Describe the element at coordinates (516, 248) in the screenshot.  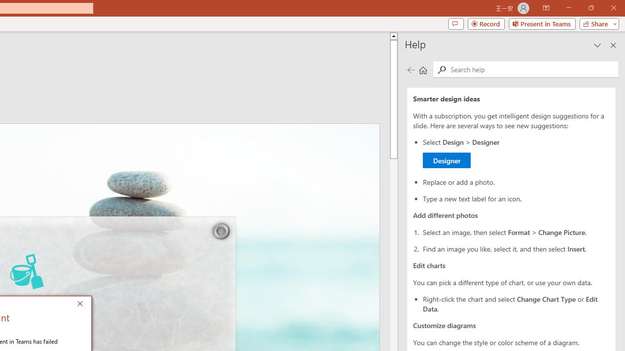
I see `'Find an image you like, select it, and then select Insert.'` at that location.